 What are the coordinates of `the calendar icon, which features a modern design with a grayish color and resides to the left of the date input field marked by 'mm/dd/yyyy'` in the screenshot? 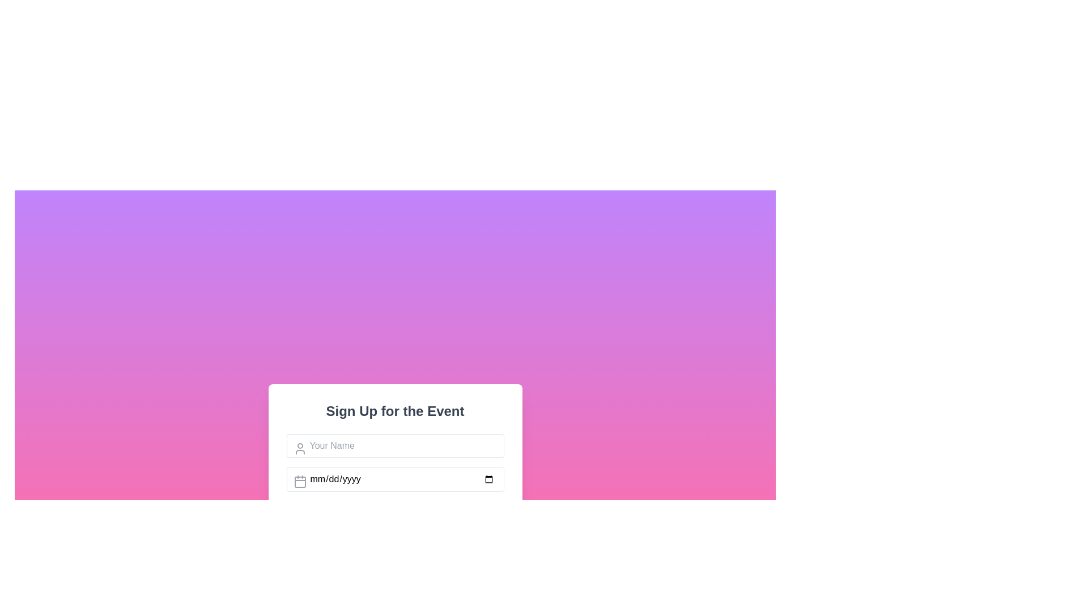 It's located at (300, 481).